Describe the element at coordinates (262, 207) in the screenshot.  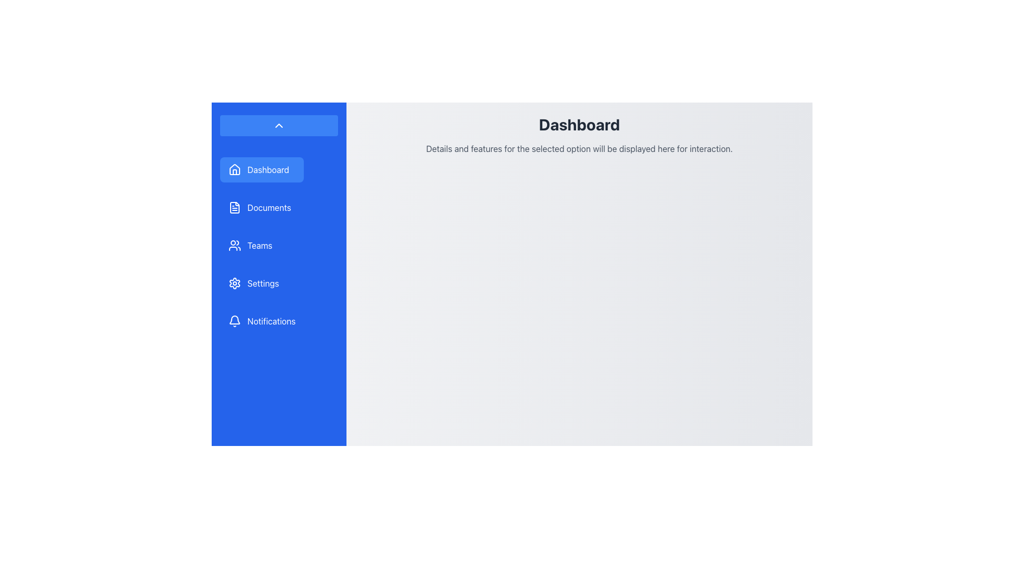
I see `the 'Documents' button, which is a blue rectangular button with rounded corners containing a document icon and white text, to trigger visual feedback` at that location.